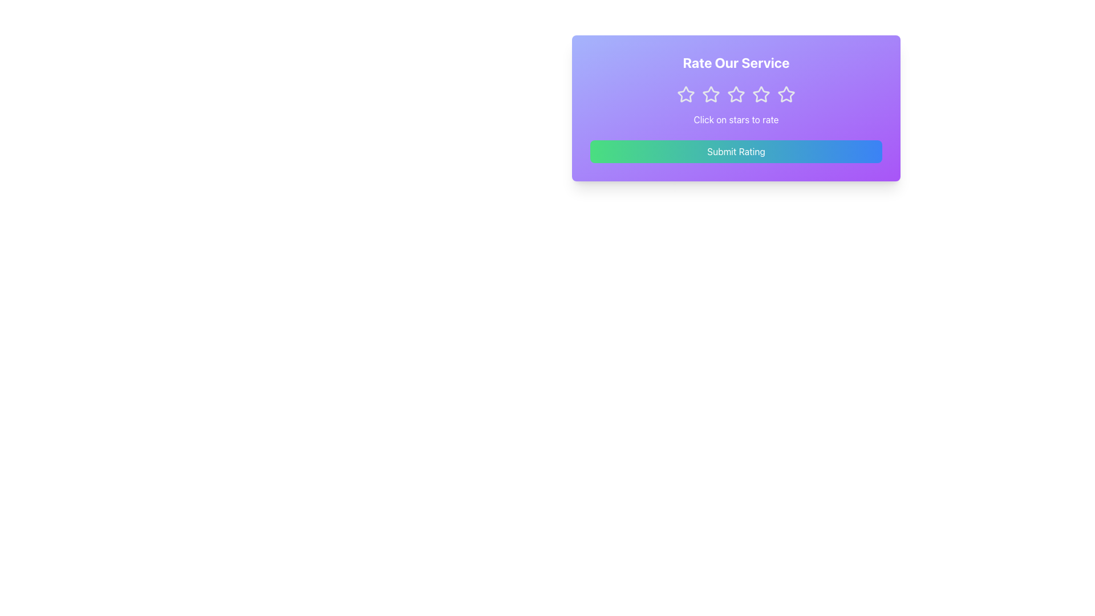 This screenshot has height=616, width=1095. What do you see at coordinates (761, 94) in the screenshot?
I see `the fourth rating star icon` at bounding box center [761, 94].